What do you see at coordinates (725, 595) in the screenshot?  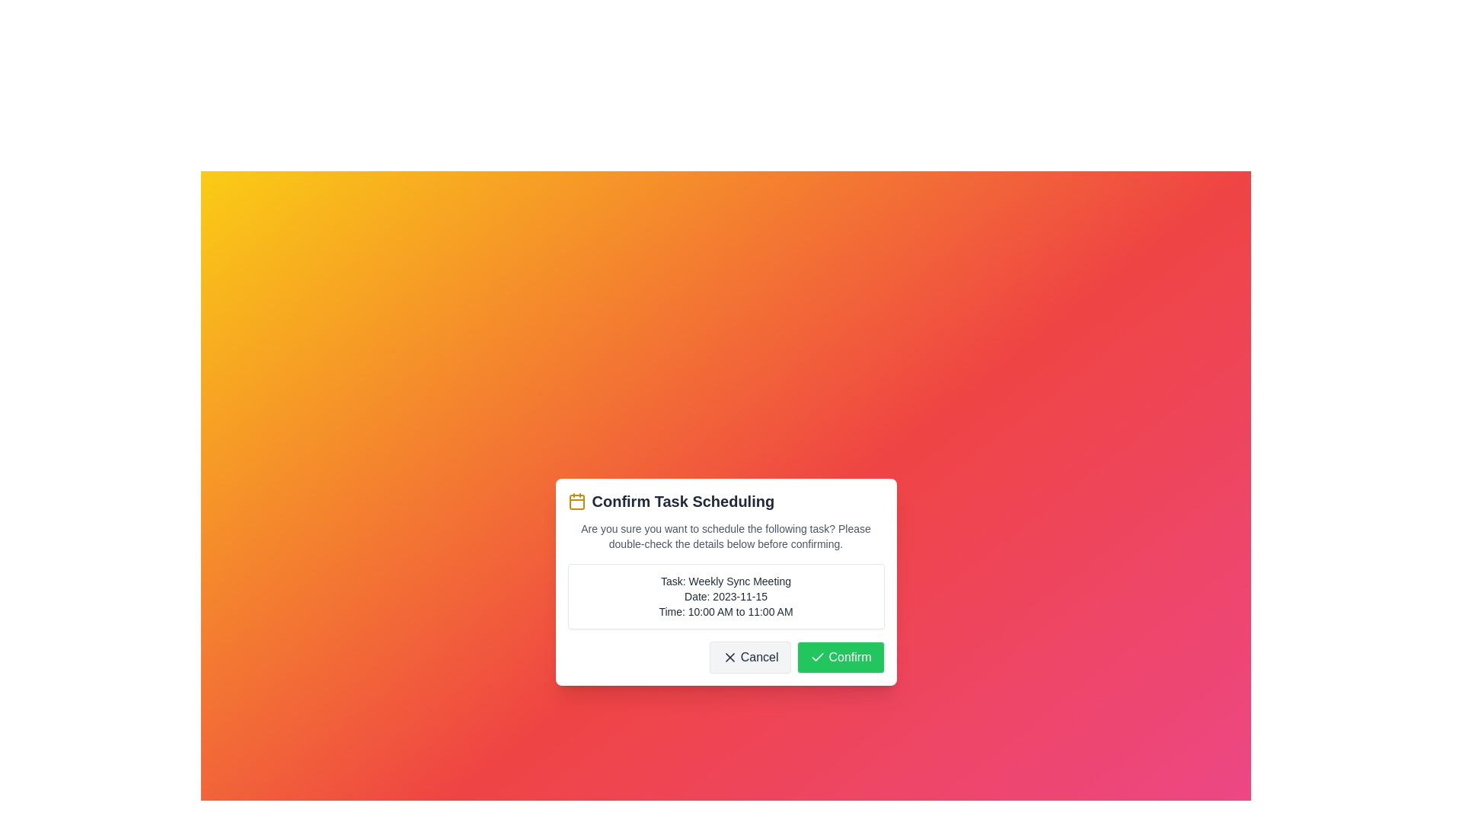 I see `the Text Display Box which shows summarized details of the task being scheduled, located in the center of the modal dialog box, below the confirmation paragraph and above the 'Cancel' and 'Confirm' buttons` at bounding box center [725, 595].